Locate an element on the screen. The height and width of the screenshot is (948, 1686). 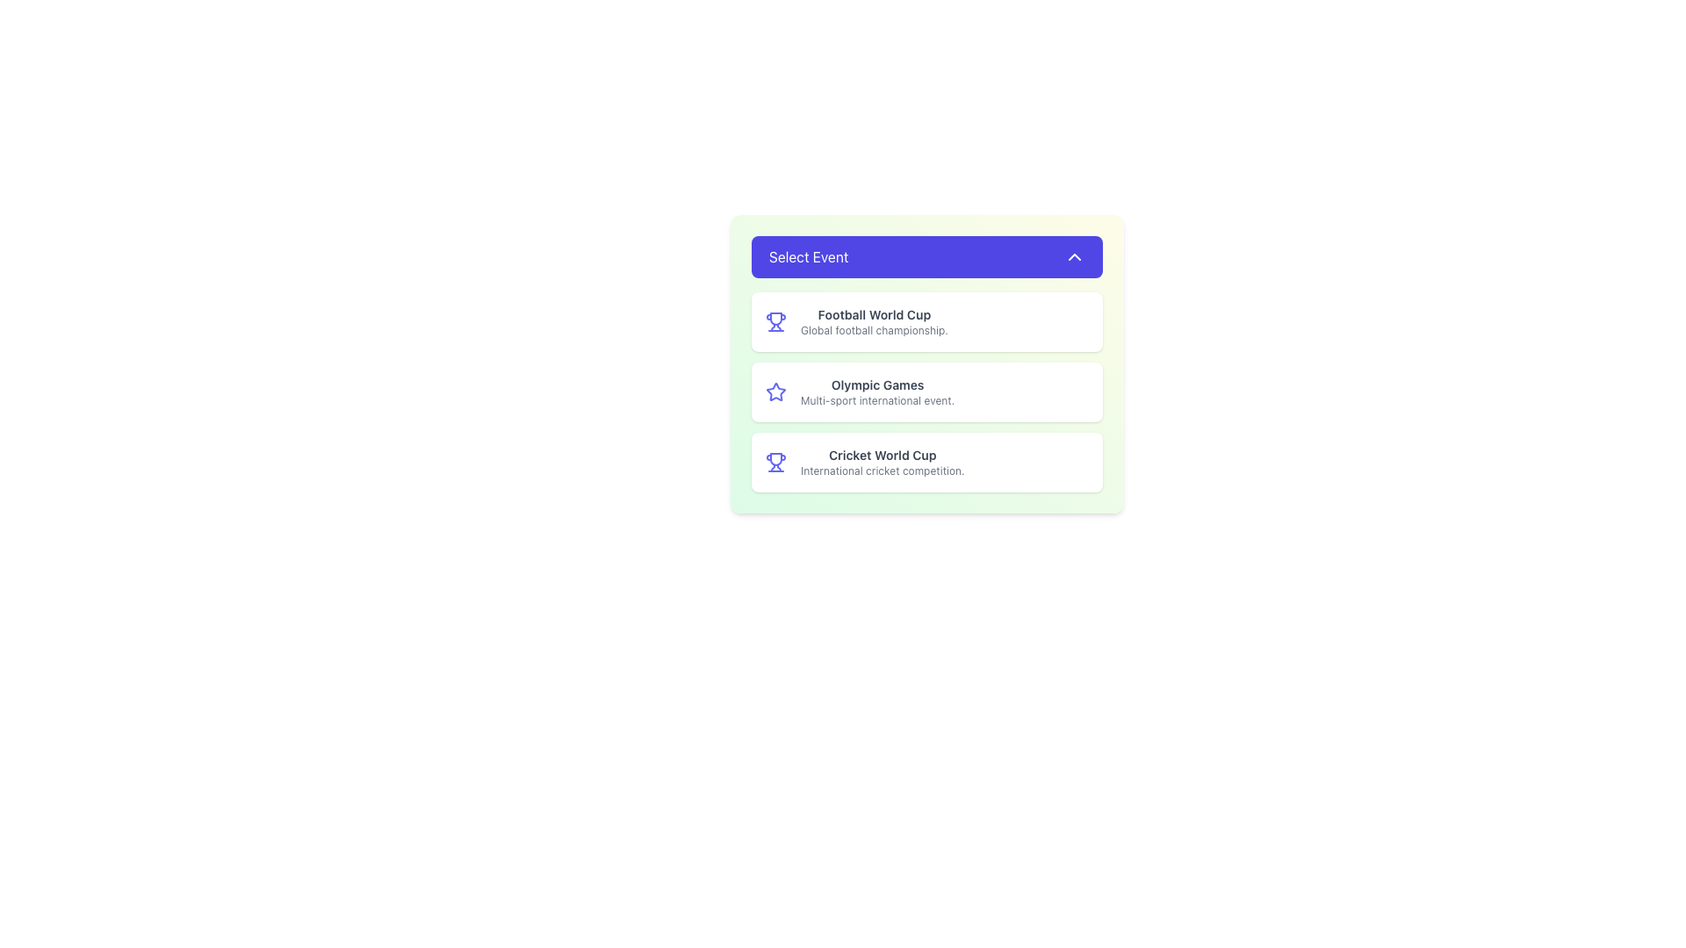
the text label that reads 'Multi-sport international event.' positioned directly beneath the heading 'Olympic Games' is located at coordinates (877, 400).